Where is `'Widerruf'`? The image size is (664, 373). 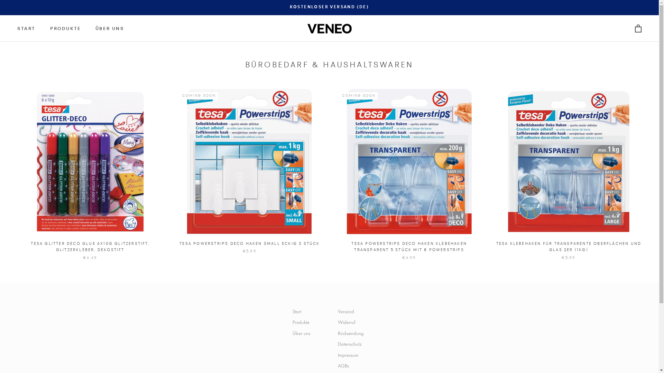 'Widerruf' is located at coordinates (352, 322).